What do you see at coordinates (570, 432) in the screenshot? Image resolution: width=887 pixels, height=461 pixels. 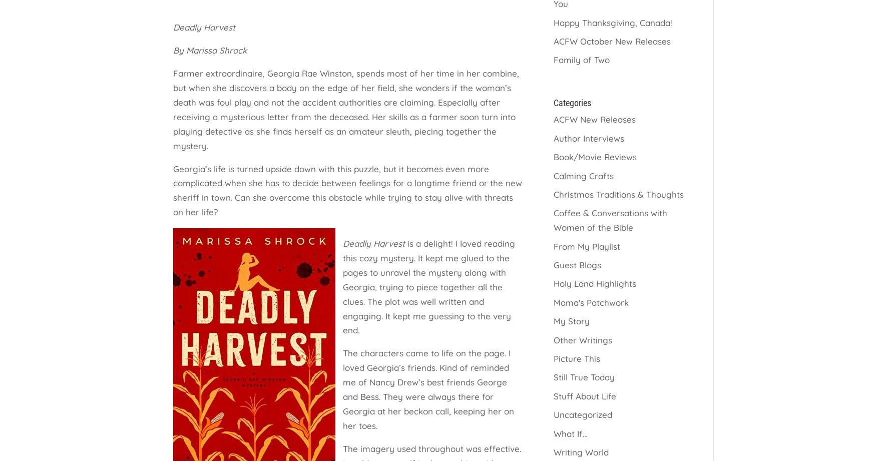 I see `'What If…'` at bounding box center [570, 432].